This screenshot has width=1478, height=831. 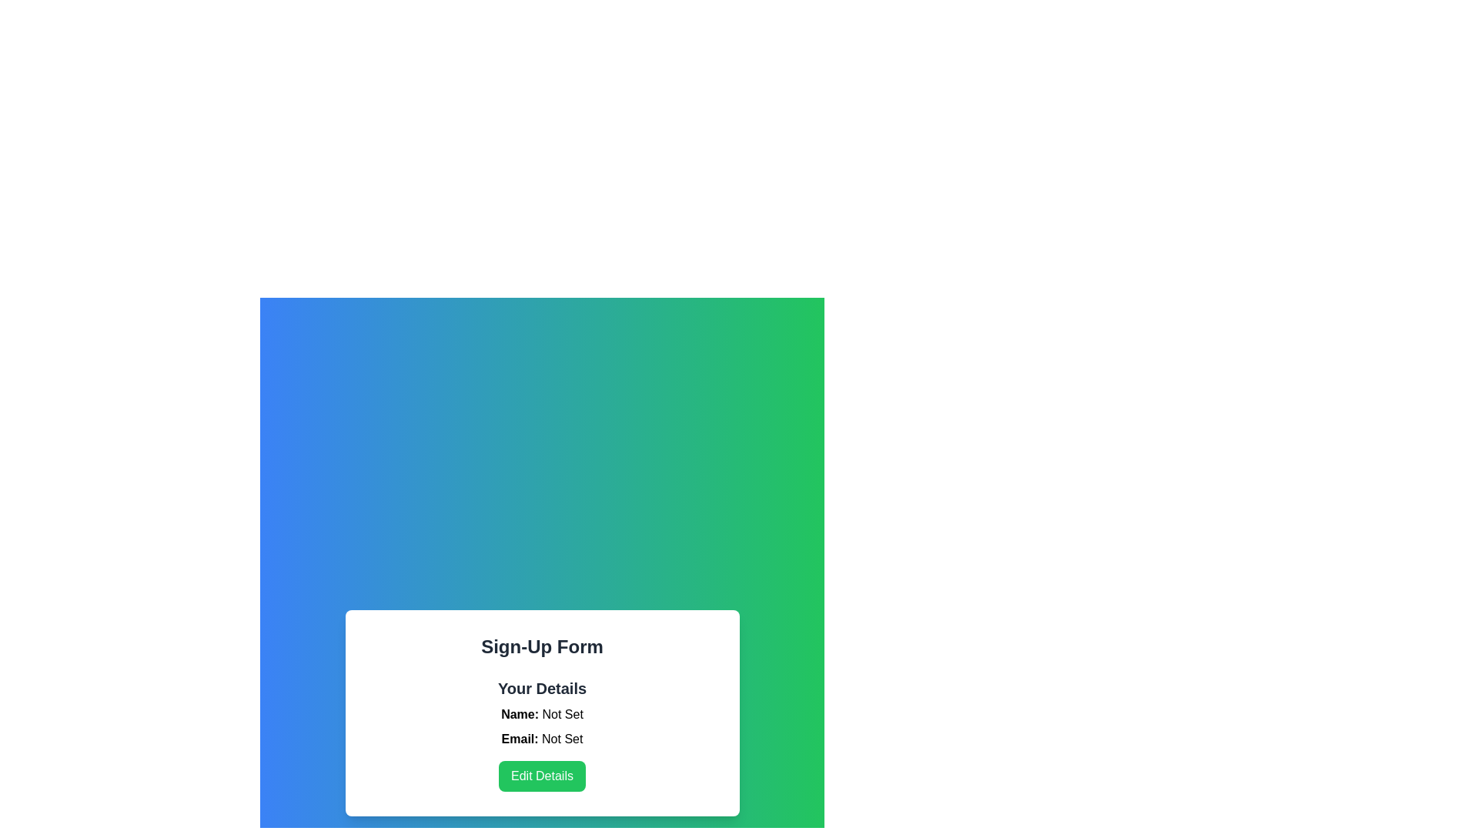 What do you see at coordinates (542, 687) in the screenshot?
I see `the 'Your Details' text label element, which is displayed in bold and large font at the top of a white card interface` at bounding box center [542, 687].